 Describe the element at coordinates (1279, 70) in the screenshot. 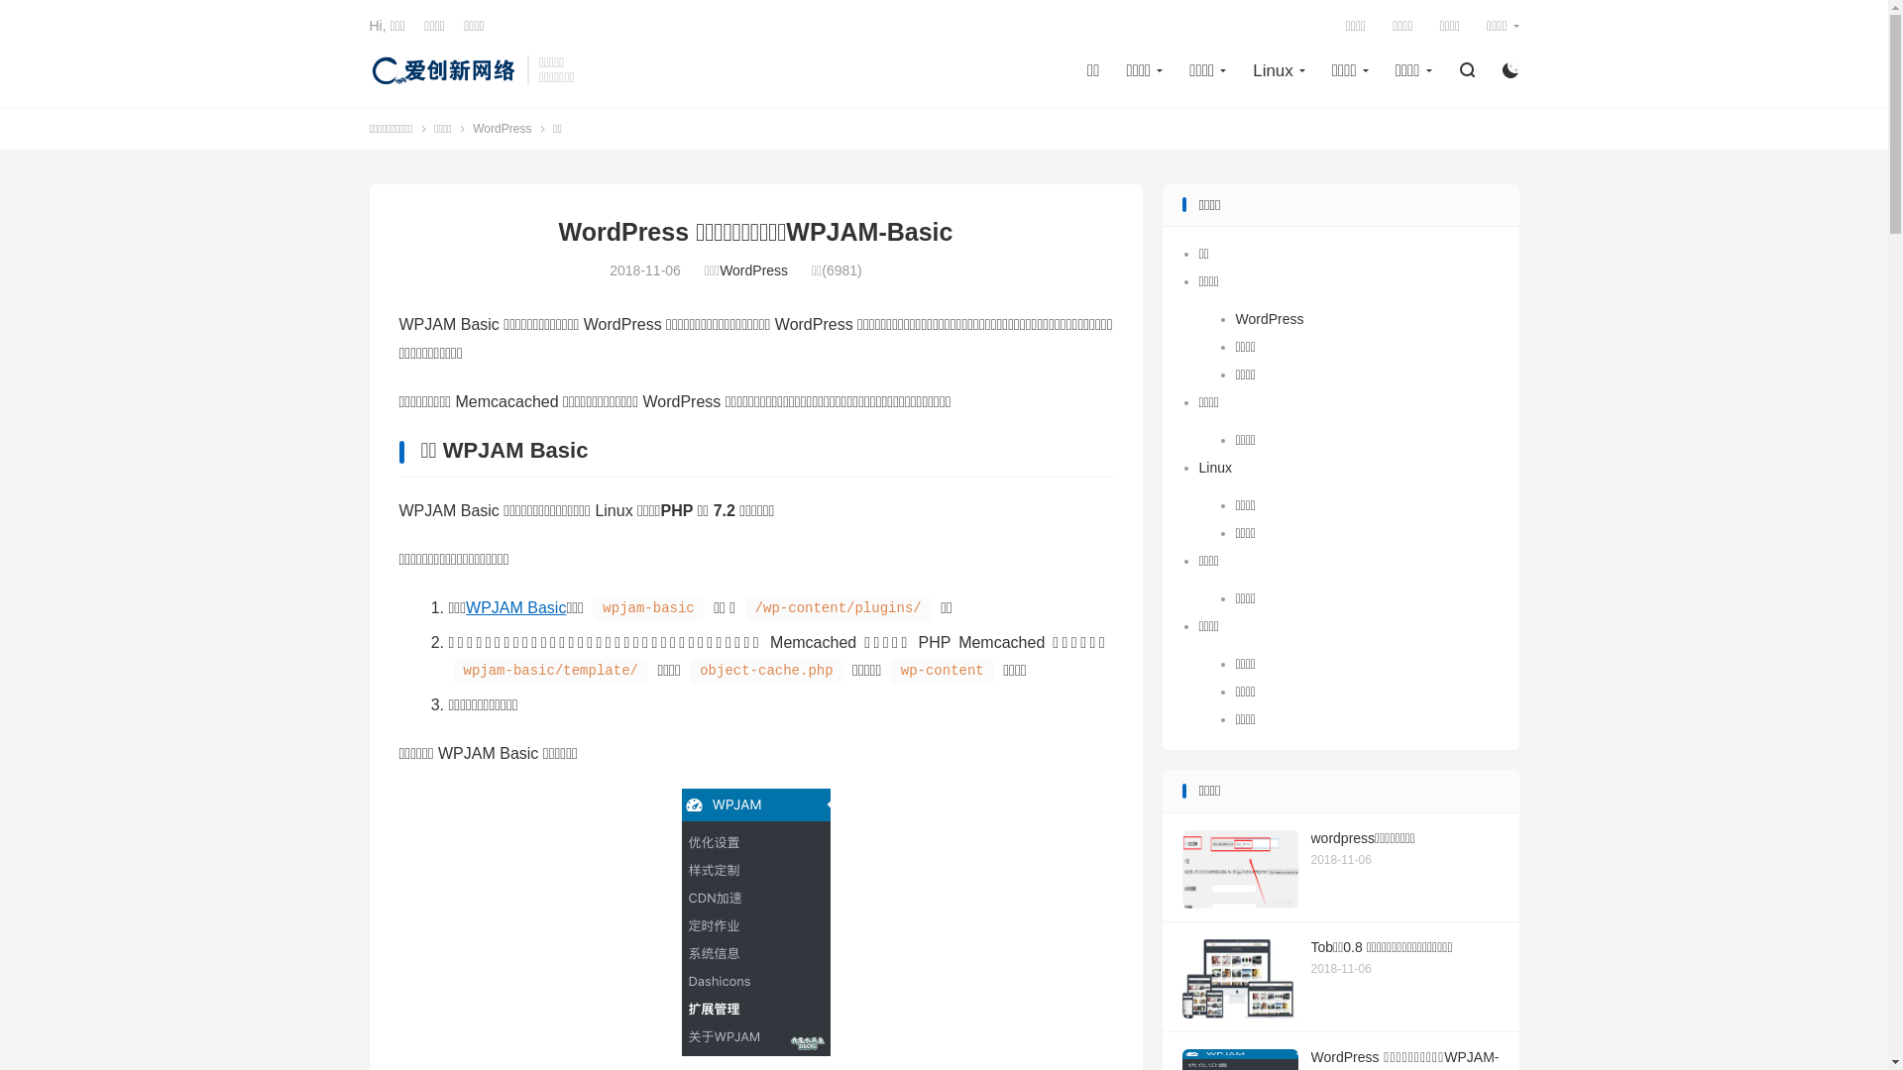

I see `'Linux'` at that location.